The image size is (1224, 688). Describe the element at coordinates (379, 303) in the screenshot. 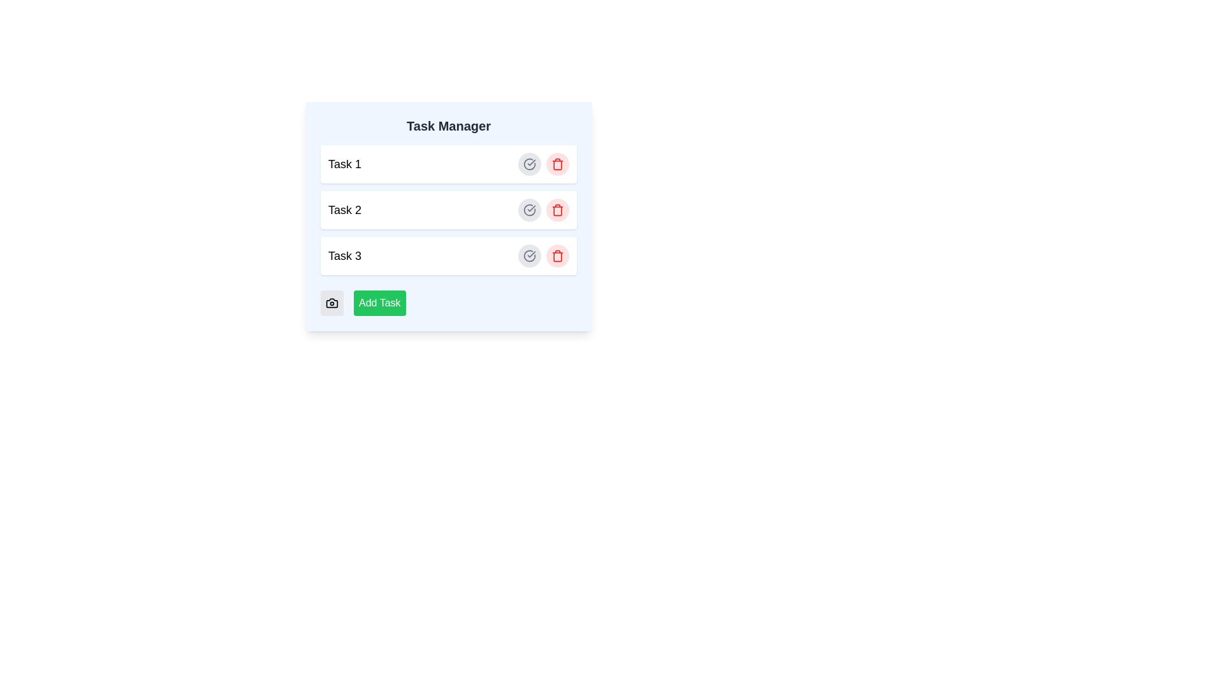

I see `the 'Add Task' button located at the bottom of the 'Task Manager' interface` at that location.